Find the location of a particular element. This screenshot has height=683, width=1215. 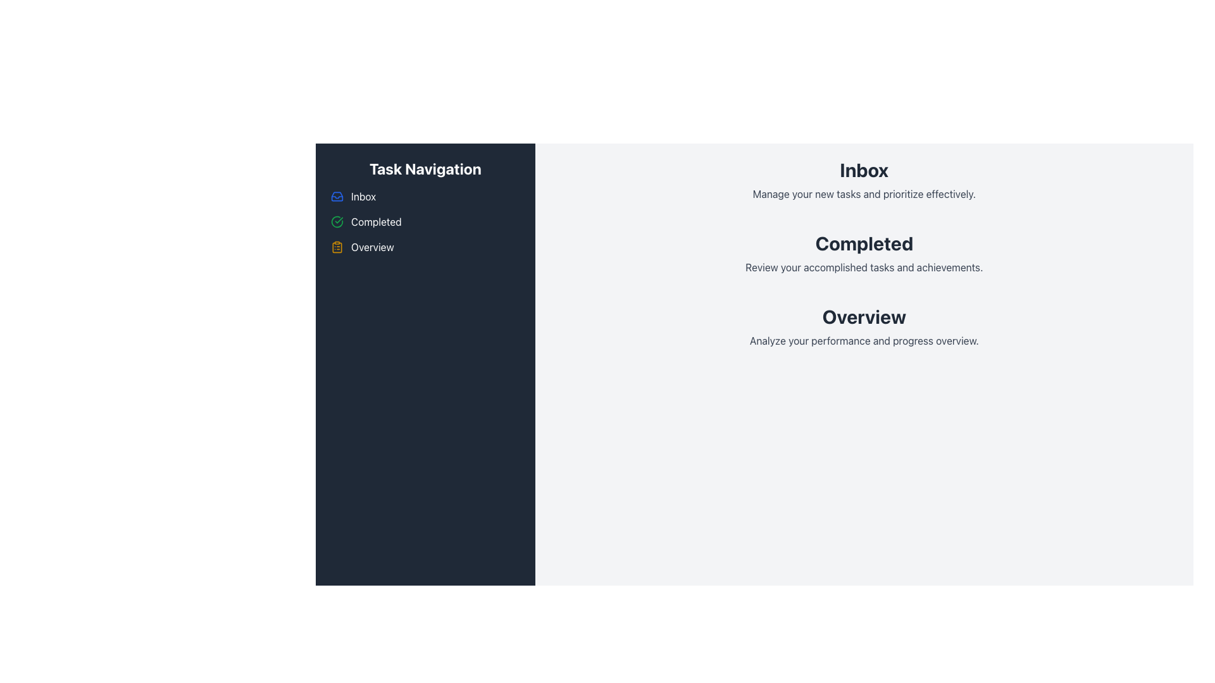

the circular green checkmark icon indicating a completed status, located in the left navigation panel next to the 'Completed' text label is located at coordinates (337, 221).